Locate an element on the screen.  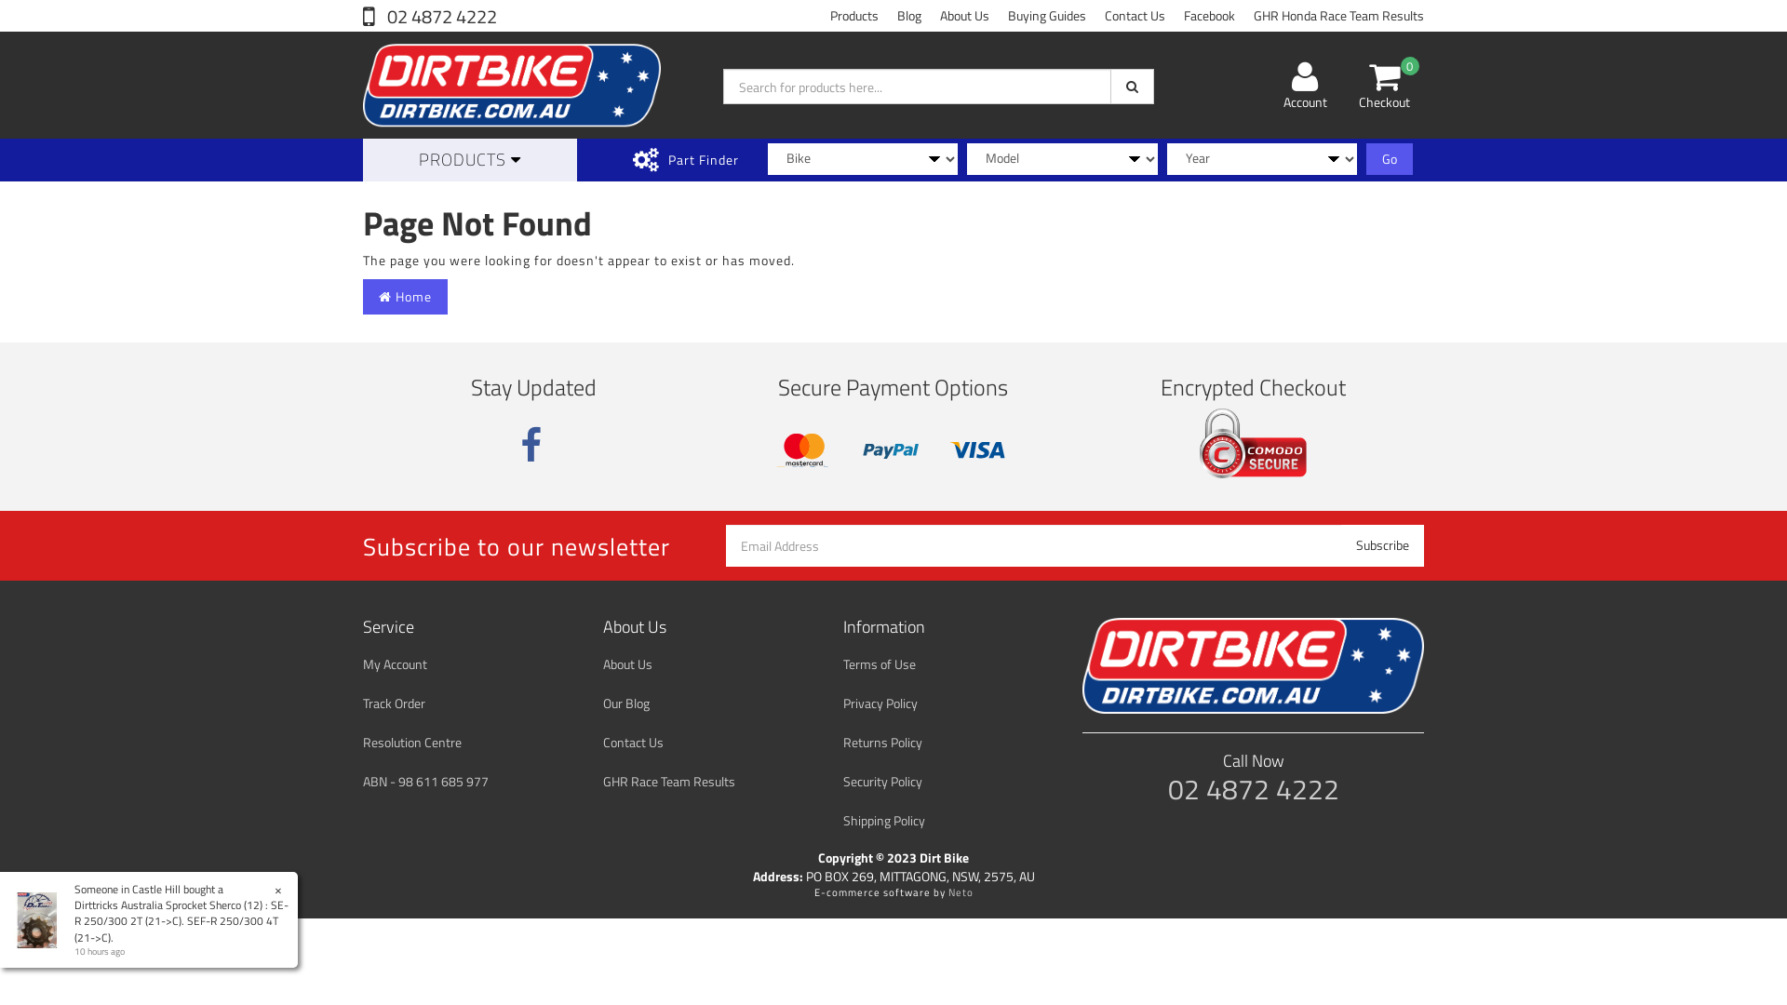
'Buying Guides' is located at coordinates (1007, 15).